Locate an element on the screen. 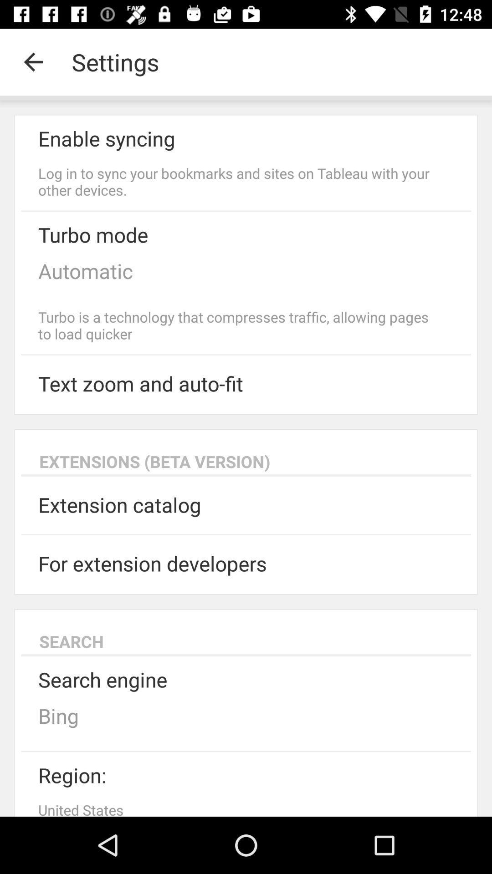 This screenshot has height=874, width=492. icon above enable syncing icon is located at coordinates (33, 61).